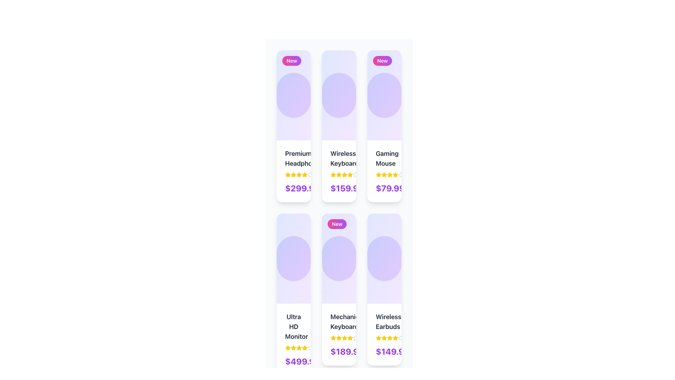 This screenshot has height=380, width=675. I want to click on the third star icon in the rating sequence for the 'Ultra HD Monitor', which indicates one of the rating levels for the product, so click(294, 347).